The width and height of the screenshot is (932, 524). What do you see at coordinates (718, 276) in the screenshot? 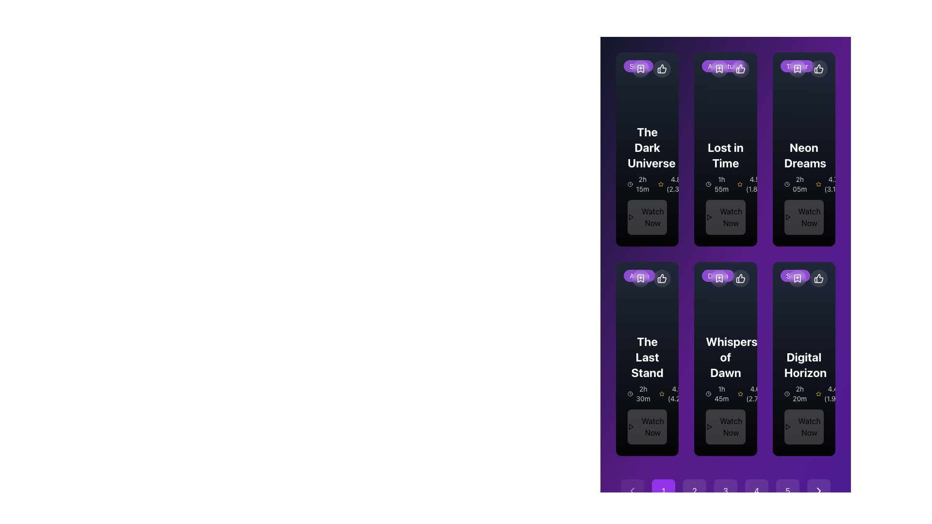
I see `the 'Drama' category tag located in the upper section of the movie card for 'Whispers of Dawn', positioned in the second column of the second row in the grid layout` at bounding box center [718, 276].